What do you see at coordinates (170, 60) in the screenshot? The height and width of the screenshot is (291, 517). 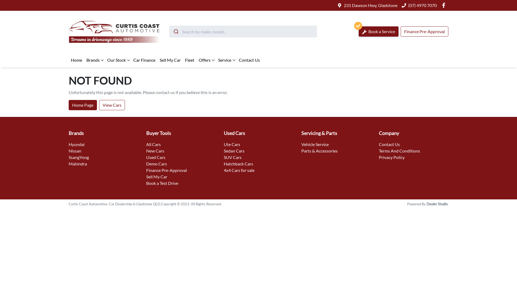 I see `'Sell My Car'` at bounding box center [170, 60].